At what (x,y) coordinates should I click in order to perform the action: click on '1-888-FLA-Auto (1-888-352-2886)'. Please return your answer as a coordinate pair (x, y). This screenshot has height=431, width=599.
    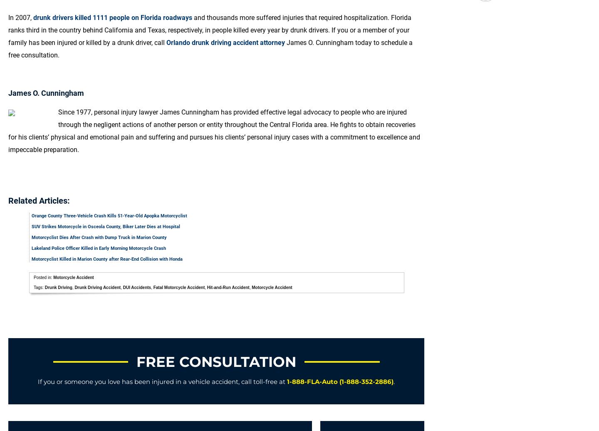
    Looking at the image, I should click on (340, 381).